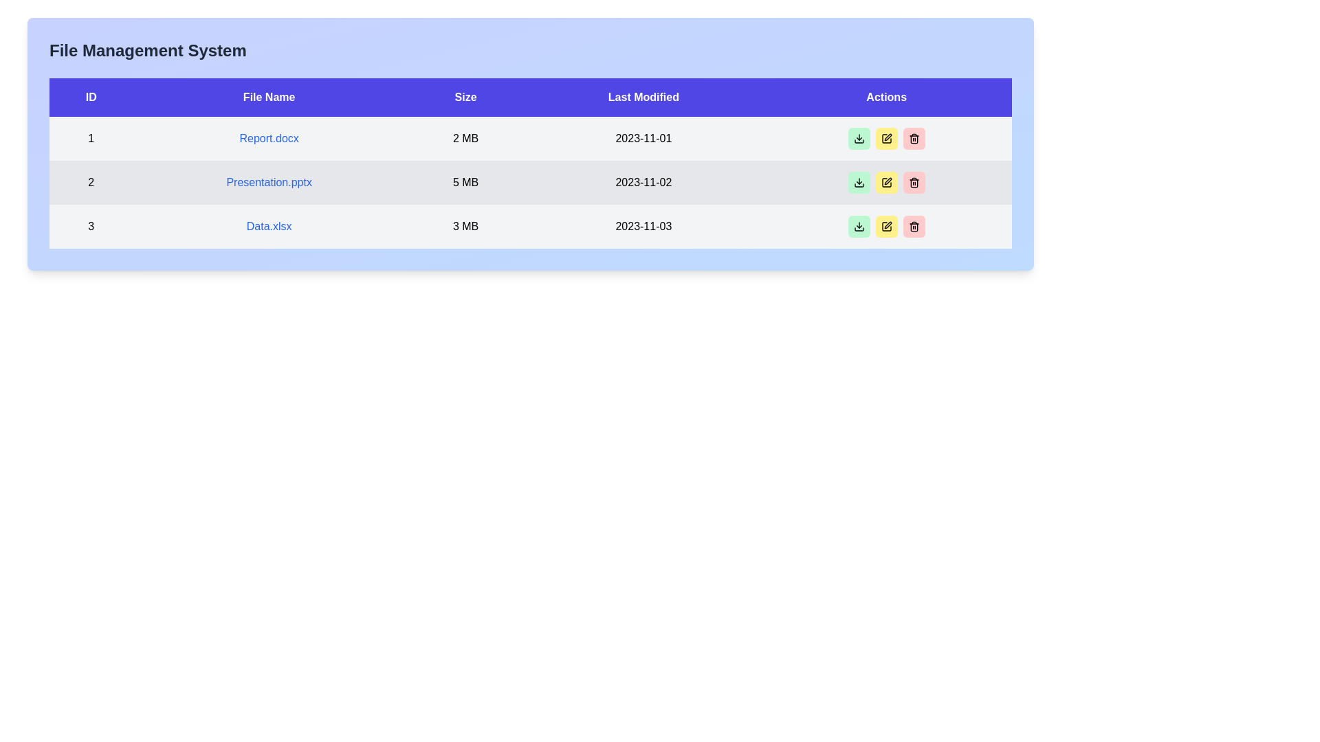 Image resolution: width=1320 pixels, height=742 pixels. I want to click on the third row of the table containing file details, which includes ID, file name, size, last modified date, and actions, so click(530, 226).